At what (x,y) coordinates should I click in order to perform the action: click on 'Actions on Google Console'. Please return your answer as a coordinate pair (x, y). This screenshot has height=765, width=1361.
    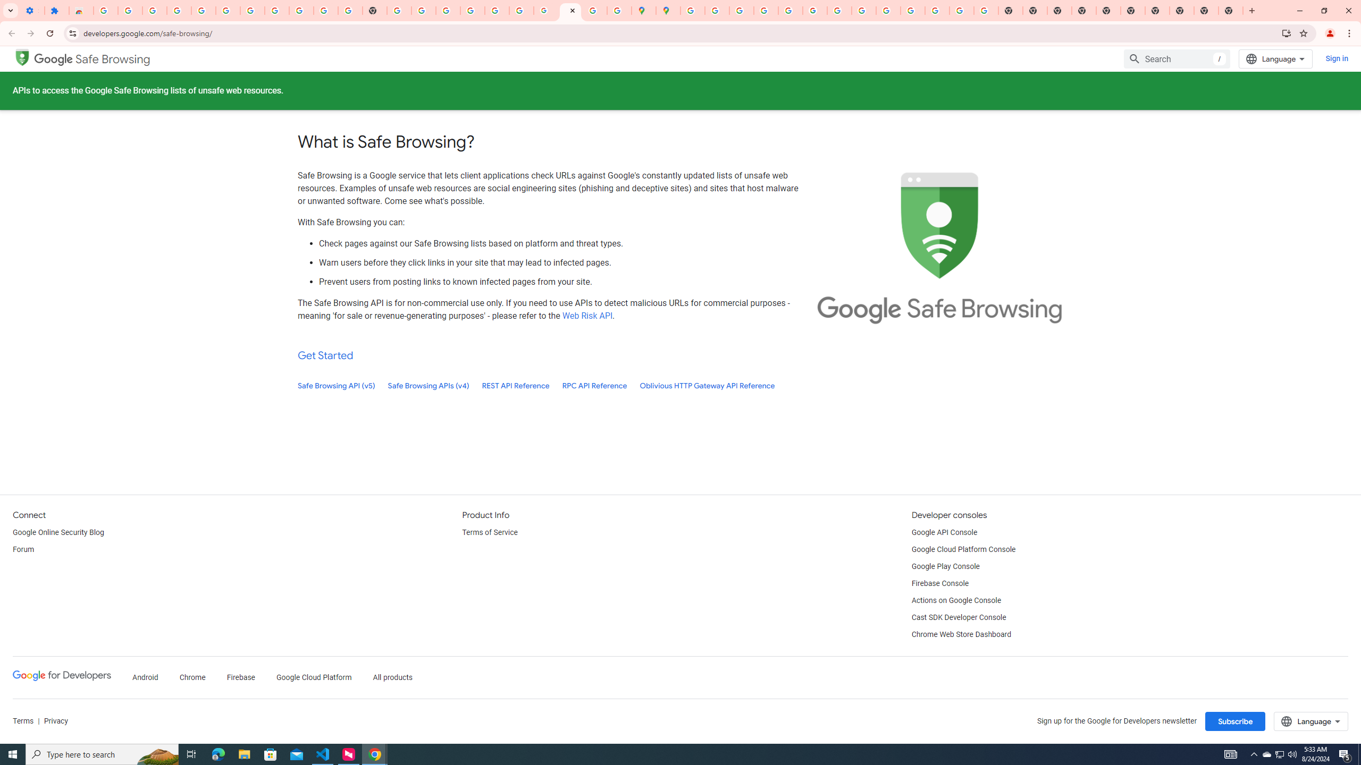
    Looking at the image, I should click on (956, 600).